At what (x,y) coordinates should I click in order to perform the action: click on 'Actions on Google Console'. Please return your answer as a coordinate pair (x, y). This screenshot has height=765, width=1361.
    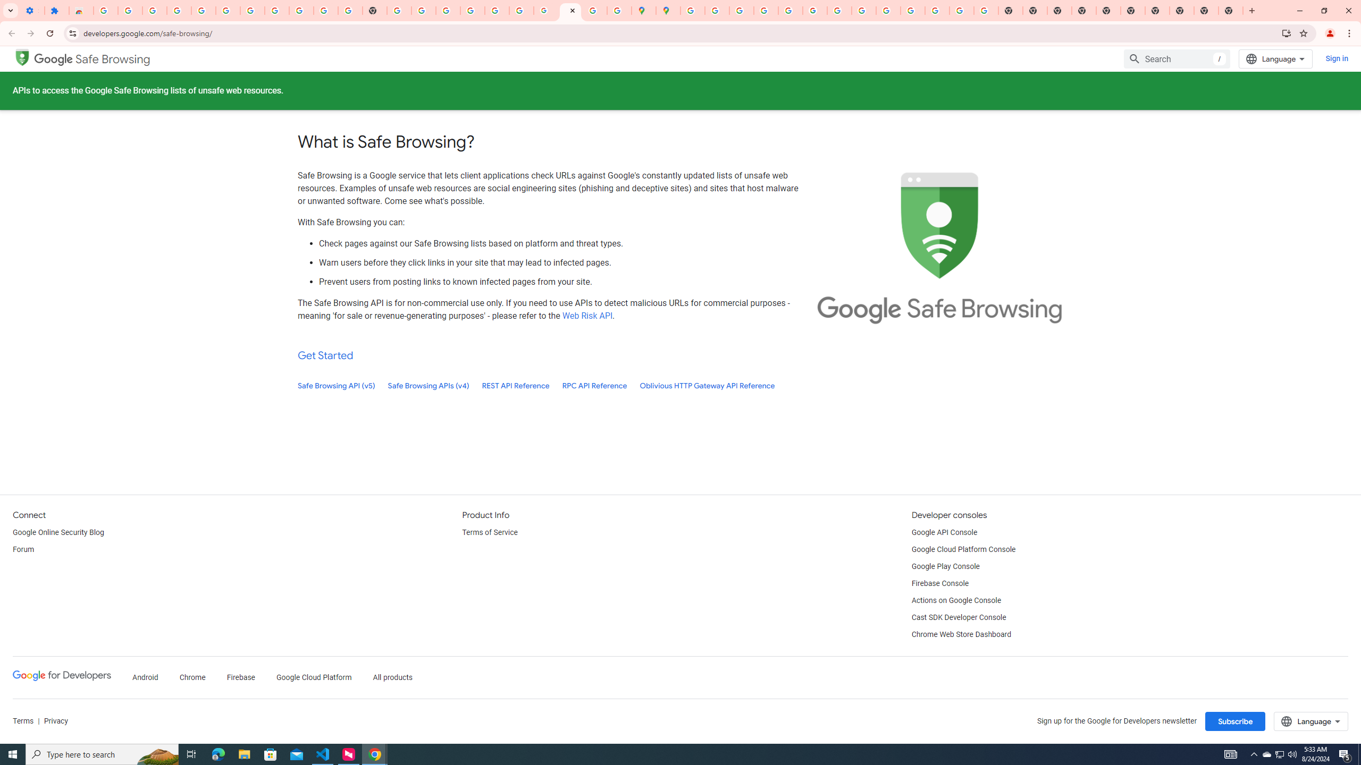
    Looking at the image, I should click on (956, 600).